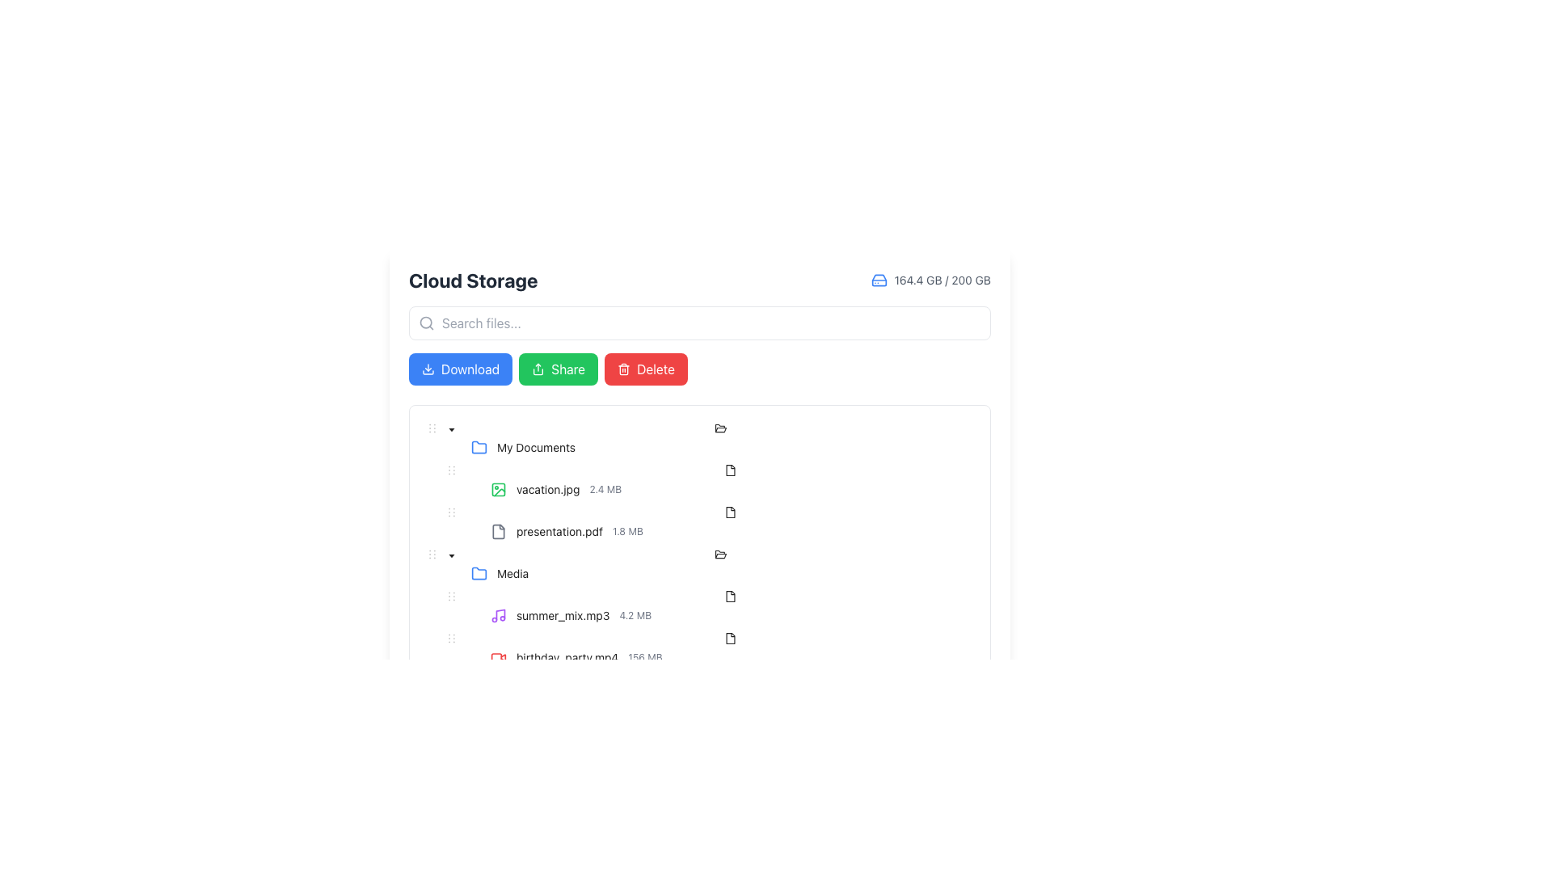 The width and height of the screenshot is (1552, 873). What do you see at coordinates (729, 470) in the screenshot?
I see `the small black document icon adjacent to the file named 'vacation.jpg 2.4 MB'` at bounding box center [729, 470].